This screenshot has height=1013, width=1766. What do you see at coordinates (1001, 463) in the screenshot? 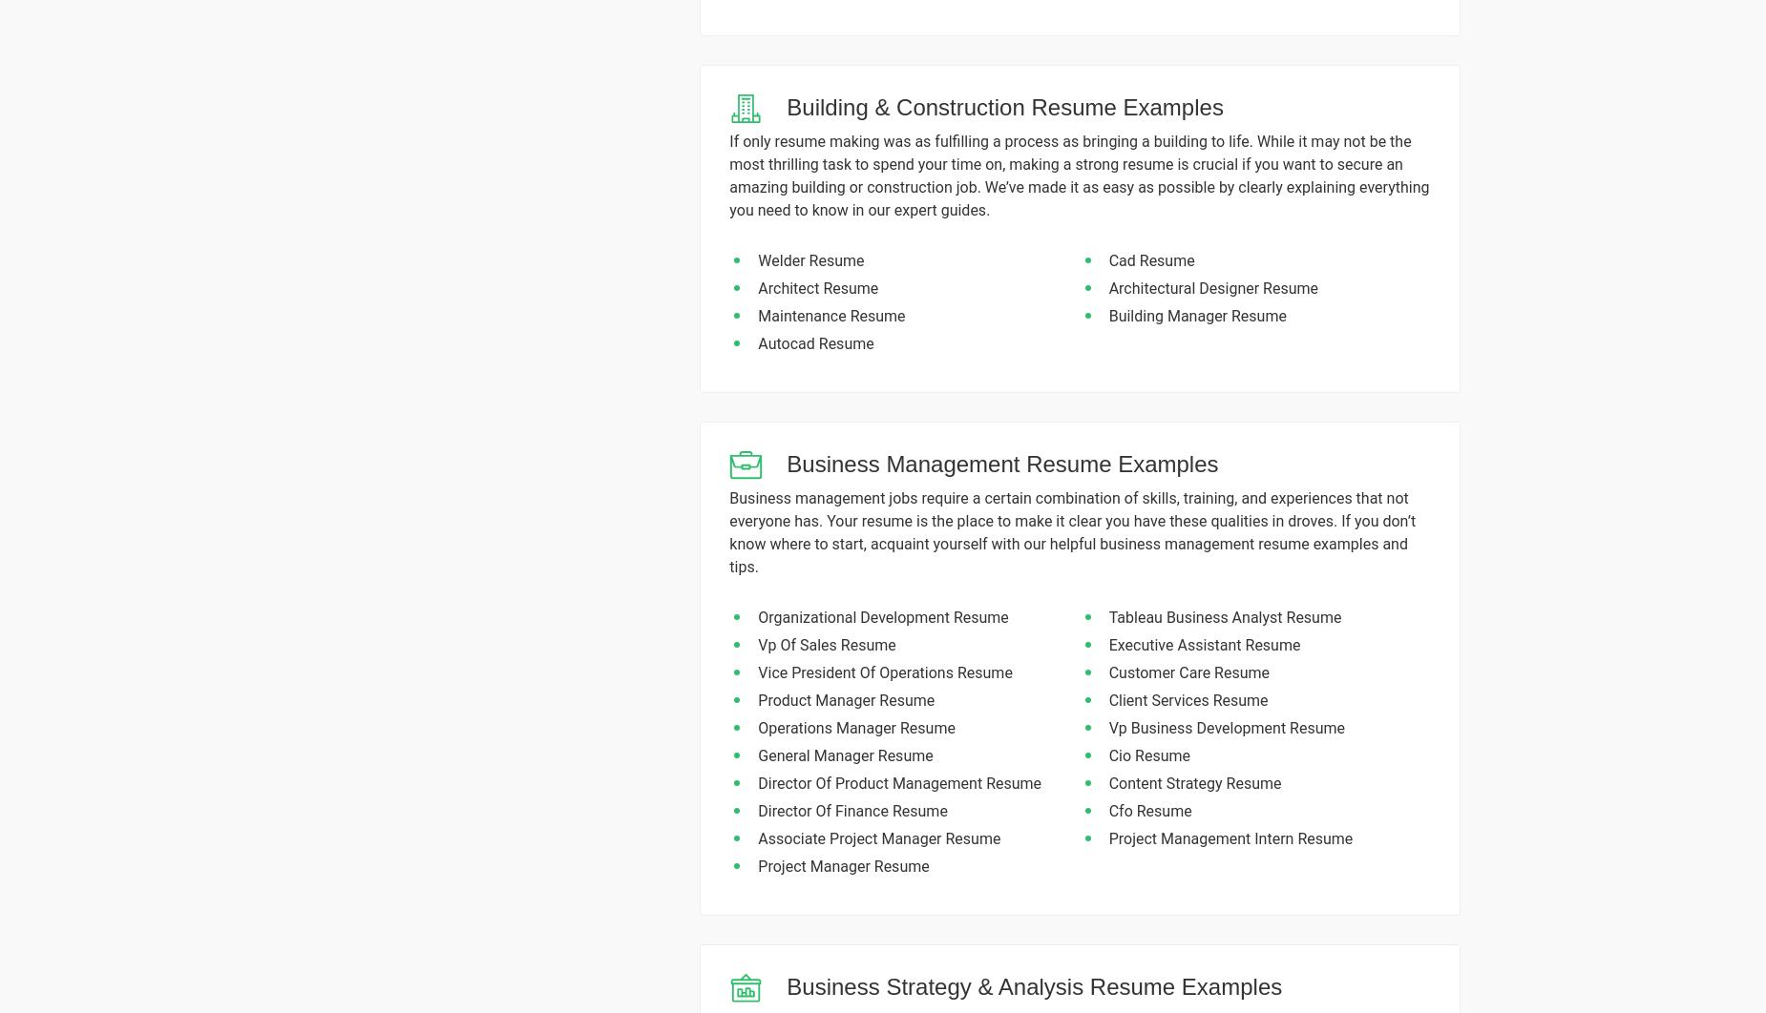
I see `'Business Management Resume Examples'` at bounding box center [1001, 463].